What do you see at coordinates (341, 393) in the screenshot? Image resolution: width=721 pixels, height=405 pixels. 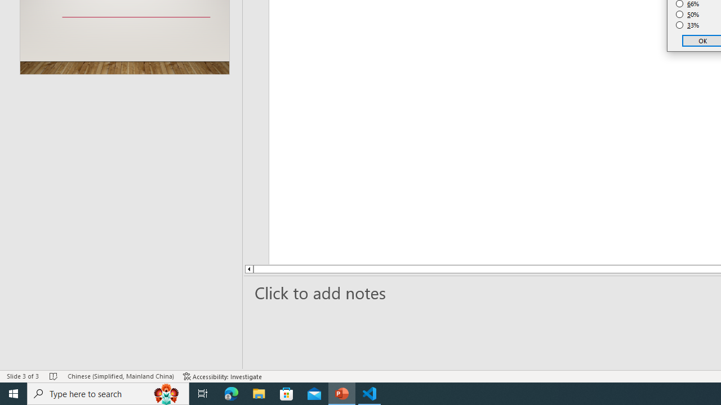 I see `'PowerPoint - 1 running window'` at bounding box center [341, 393].